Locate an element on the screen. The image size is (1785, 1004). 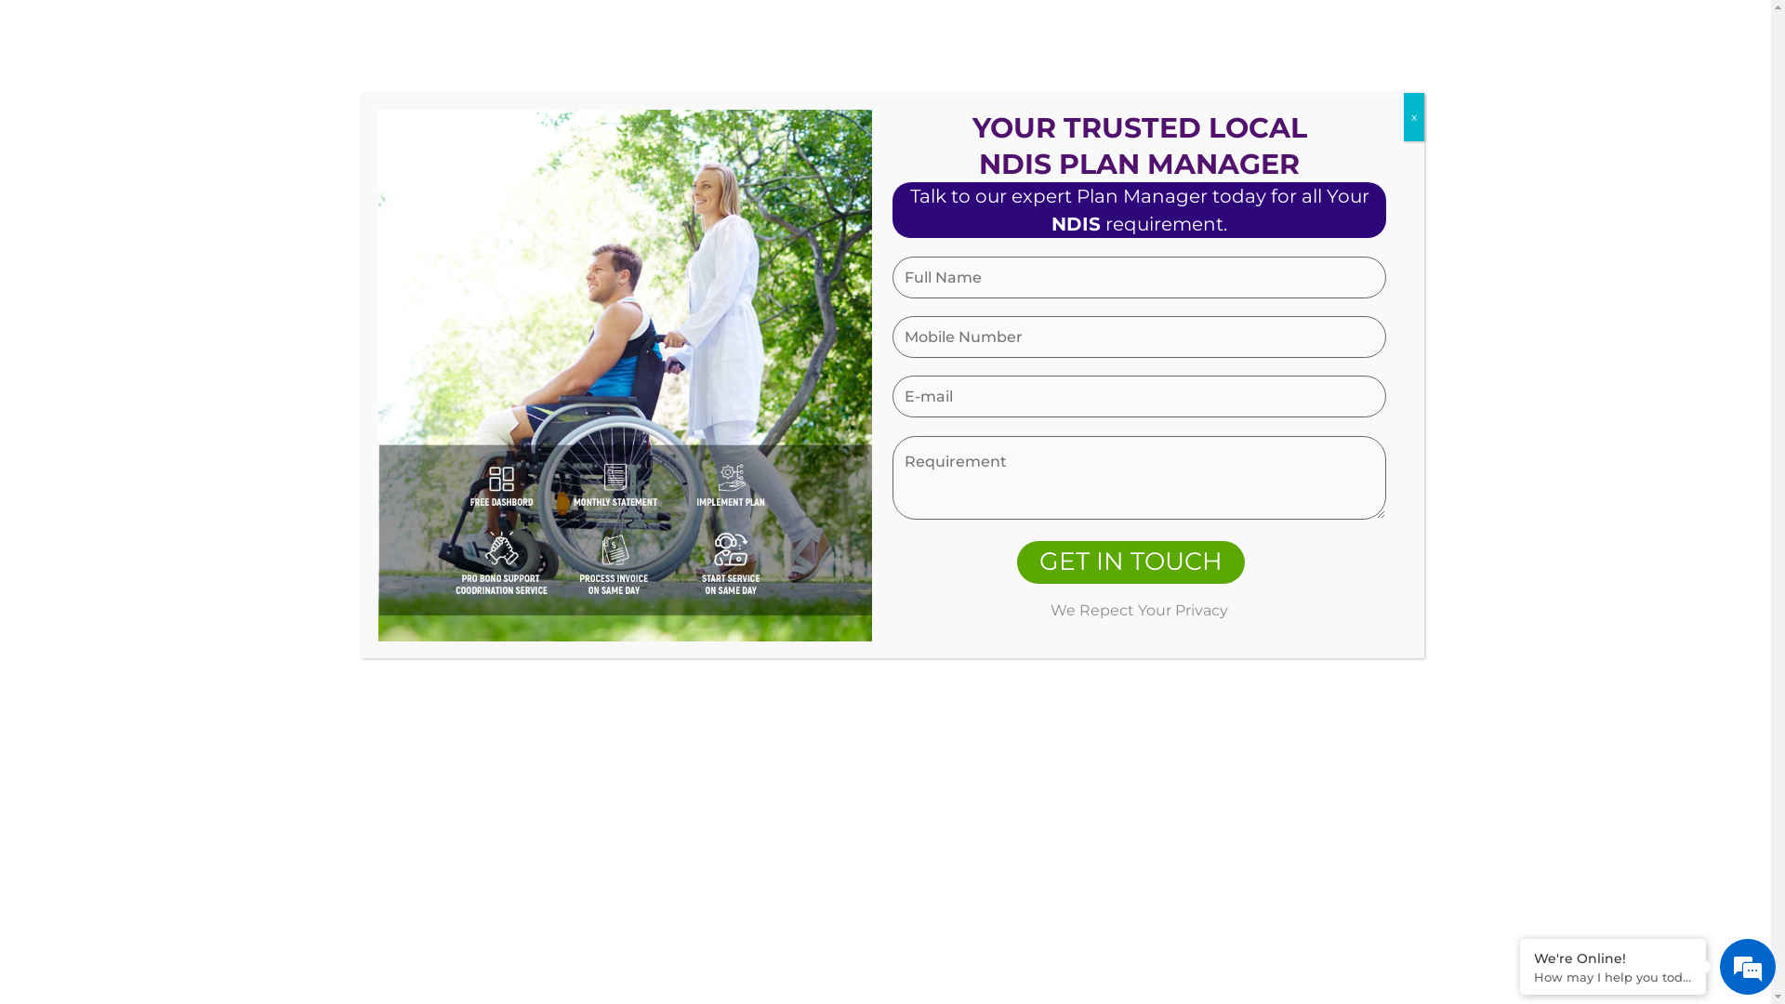
'GET IN TOUCH' is located at coordinates (1130, 561).